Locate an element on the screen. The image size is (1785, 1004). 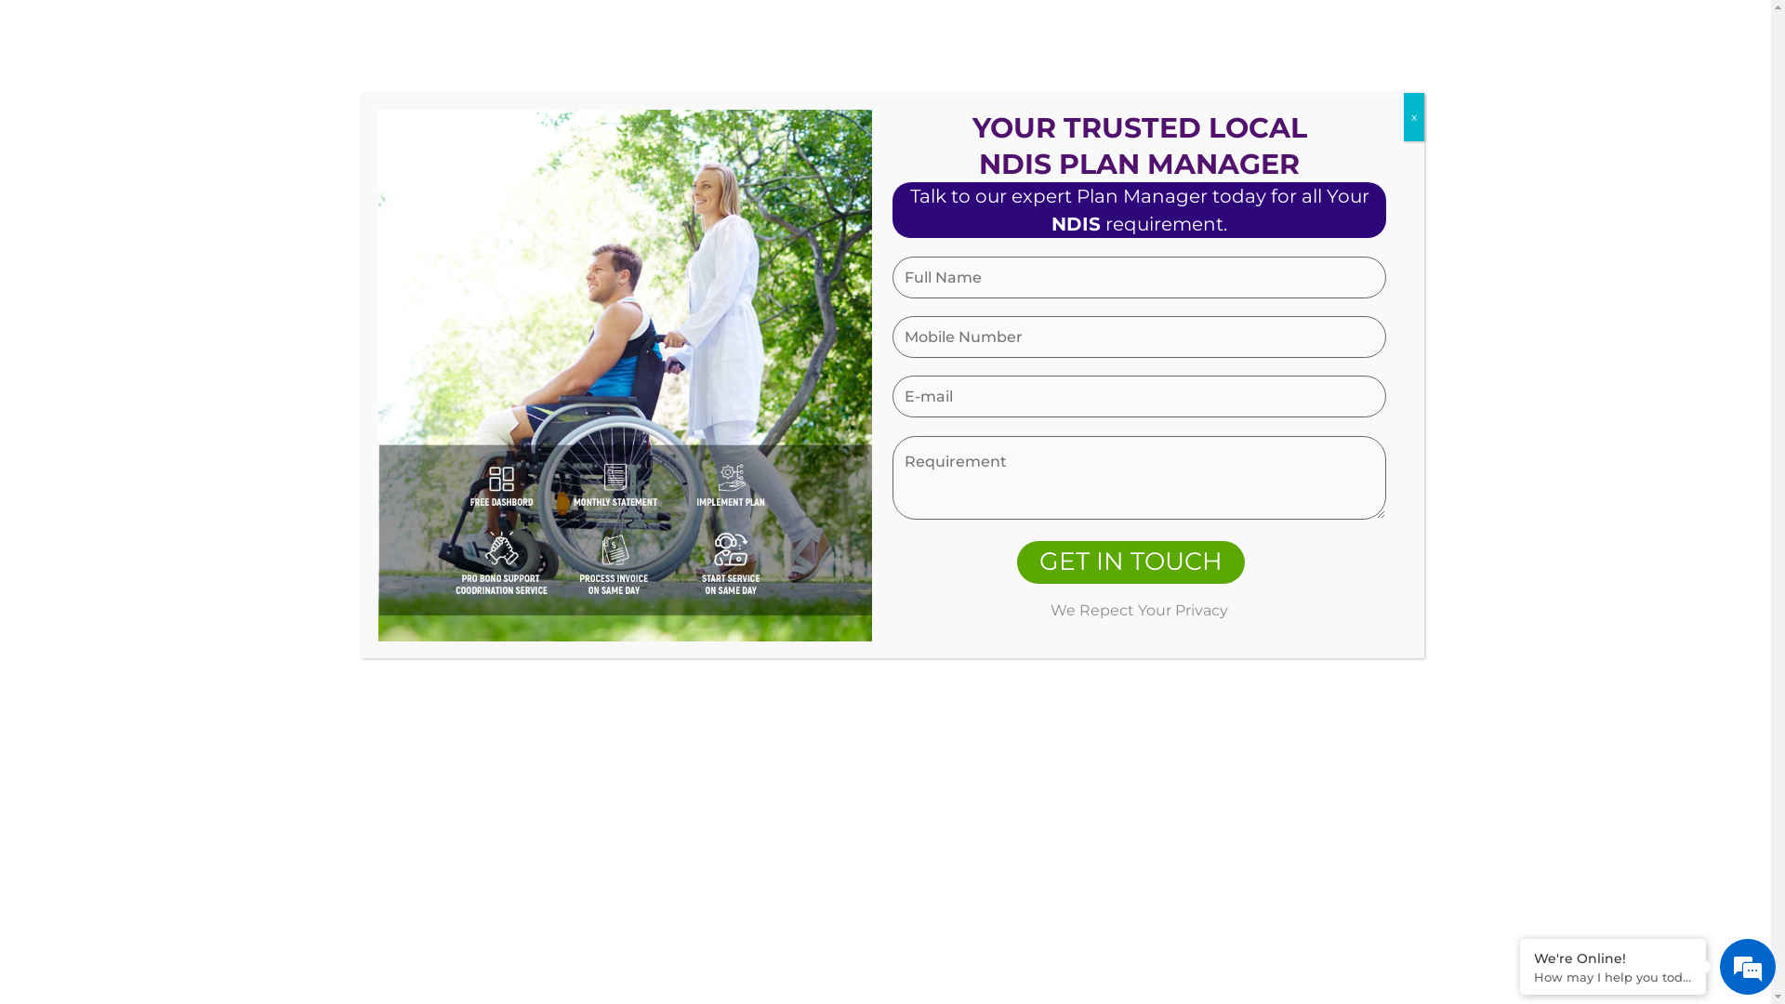
'GET IN TOUCH' is located at coordinates (1130, 561).